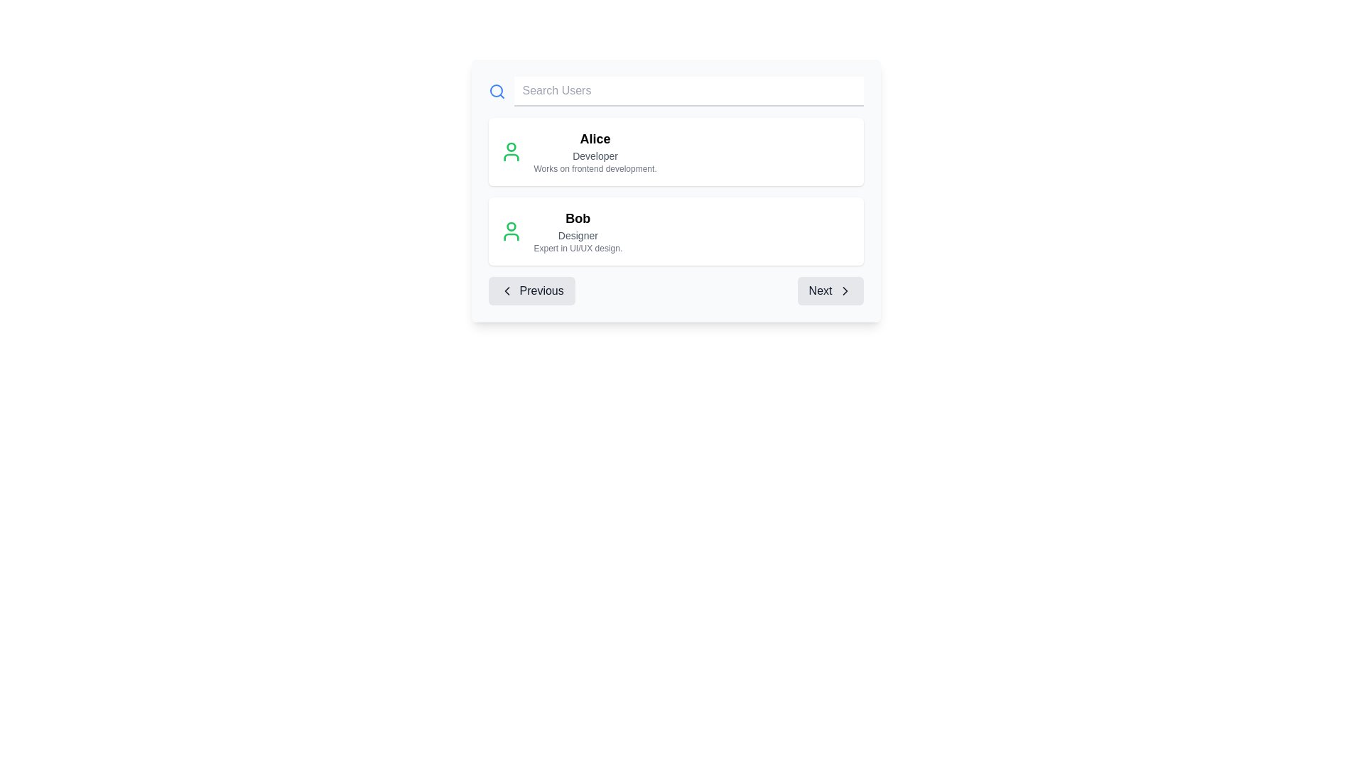  What do you see at coordinates (497, 91) in the screenshot?
I see `the design of the search icon located at the far left of the 'Search Users' input field` at bounding box center [497, 91].